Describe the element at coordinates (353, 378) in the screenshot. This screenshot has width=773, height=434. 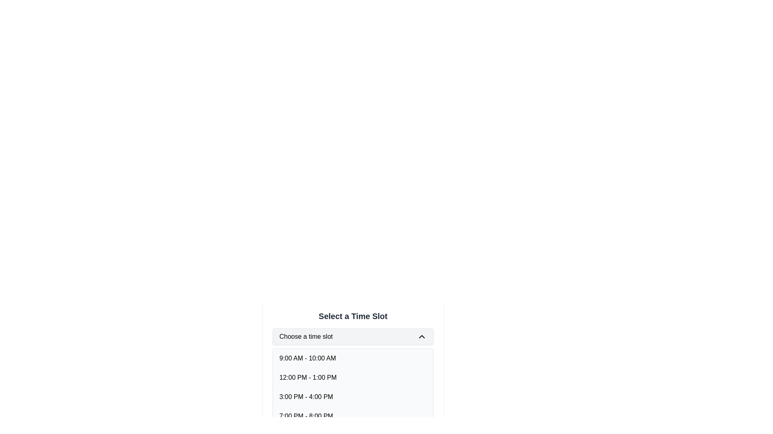
I see `the second time slot option in the selectable list titled 'Select a Time Slot'` at that location.